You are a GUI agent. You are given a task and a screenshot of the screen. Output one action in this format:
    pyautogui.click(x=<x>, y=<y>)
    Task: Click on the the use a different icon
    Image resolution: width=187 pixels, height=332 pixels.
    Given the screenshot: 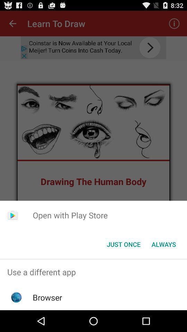 What is the action you would take?
    pyautogui.click(x=93, y=272)
    